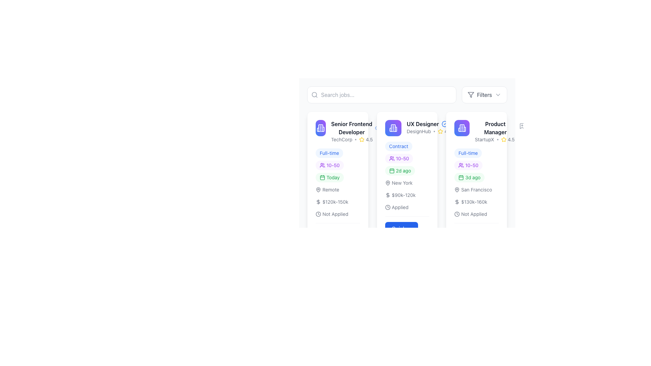 Image resolution: width=651 pixels, height=366 pixels. What do you see at coordinates (418, 128) in the screenshot?
I see `the header of the job listing, which includes the job title, company name, and rating, located in the middle column of the three-column layout` at bounding box center [418, 128].